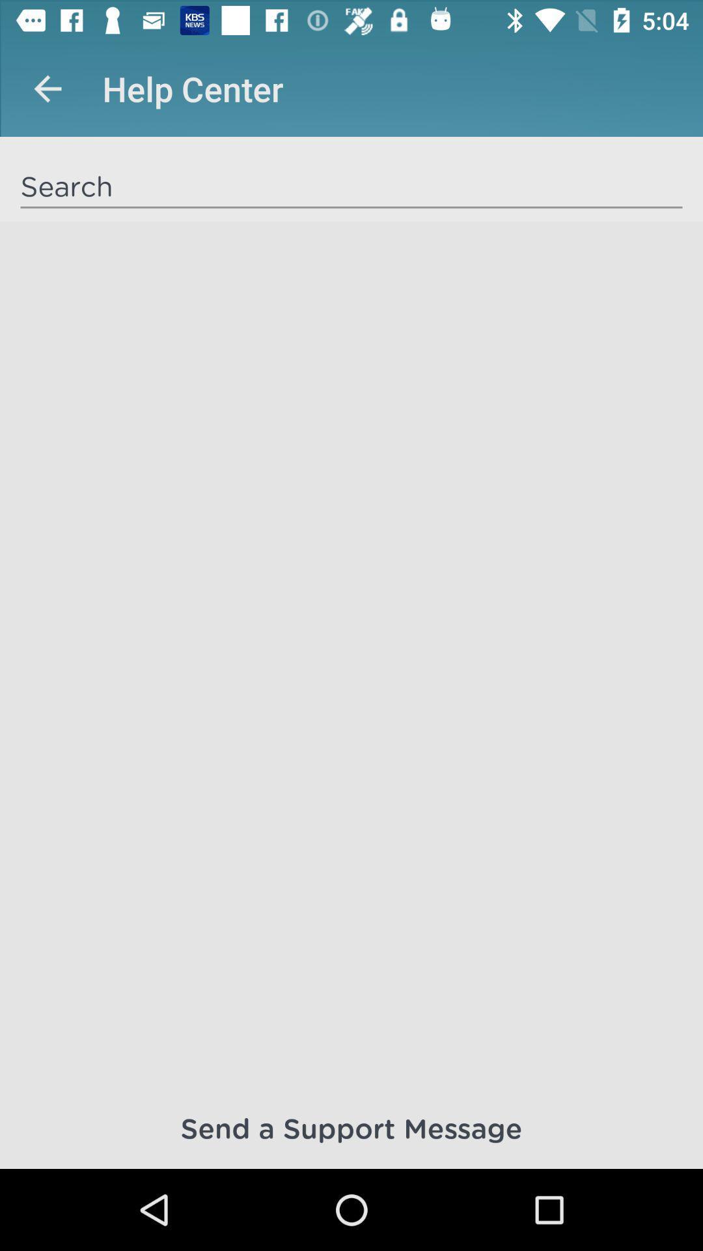  What do you see at coordinates (47, 88) in the screenshot?
I see `app to the left of help center icon` at bounding box center [47, 88].